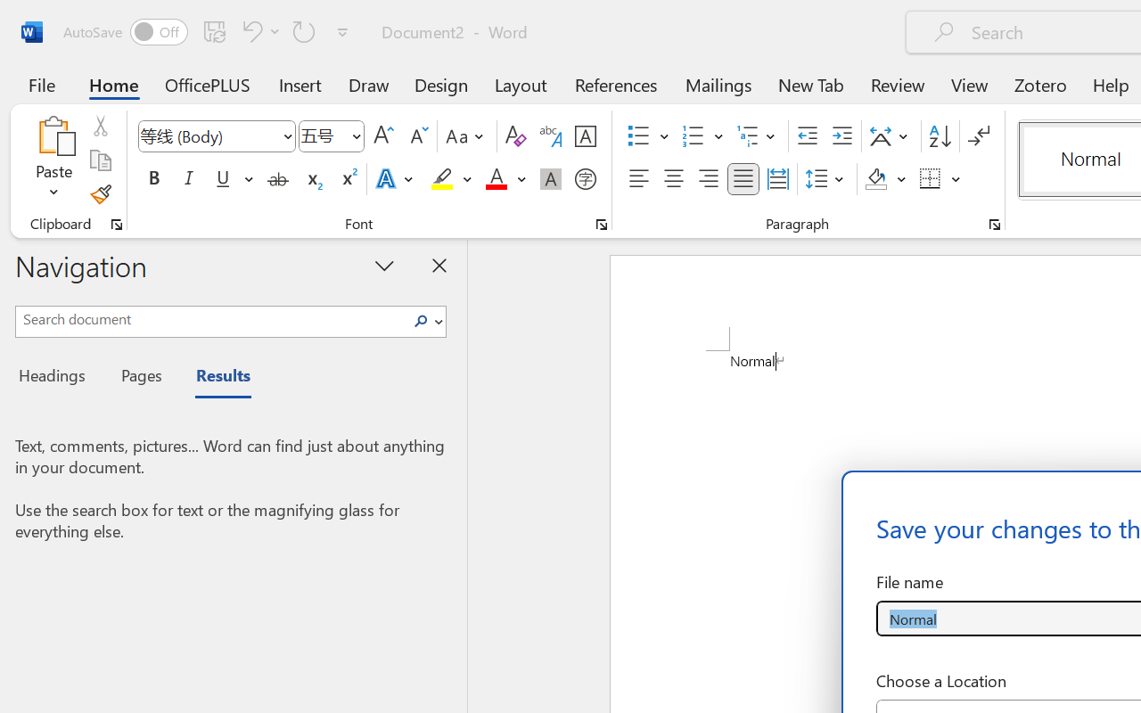 Image resolution: width=1141 pixels, height=713 pixels. Describe the element at coordinates (707, 179) in the screenshot. I see `'Align Right'` at that location.